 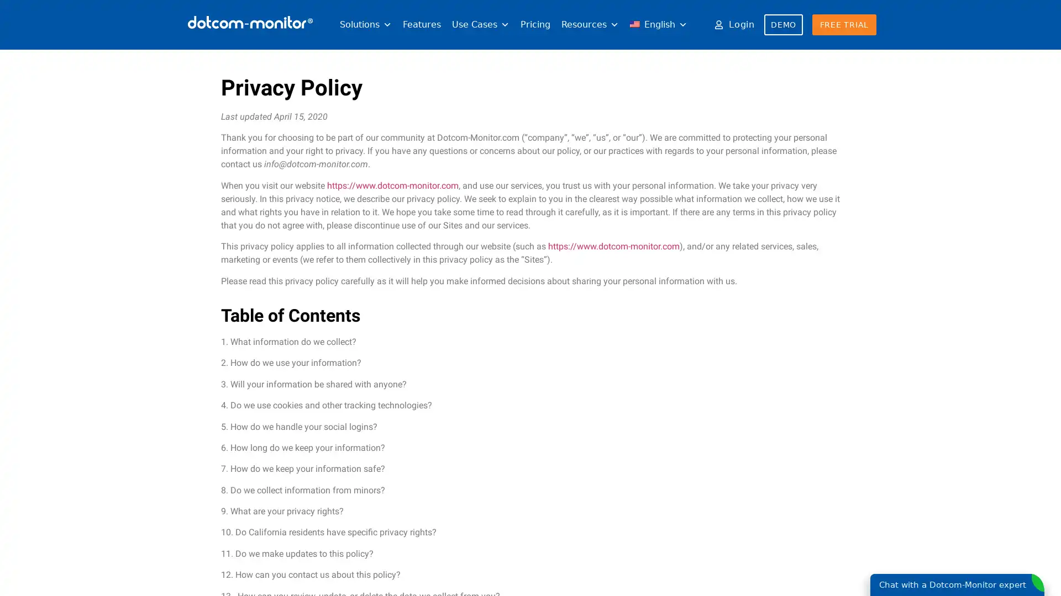 What do you see at coordinates (782, 25) in the screenshot?
I see `DEMO` at bounding box center [782, 25].